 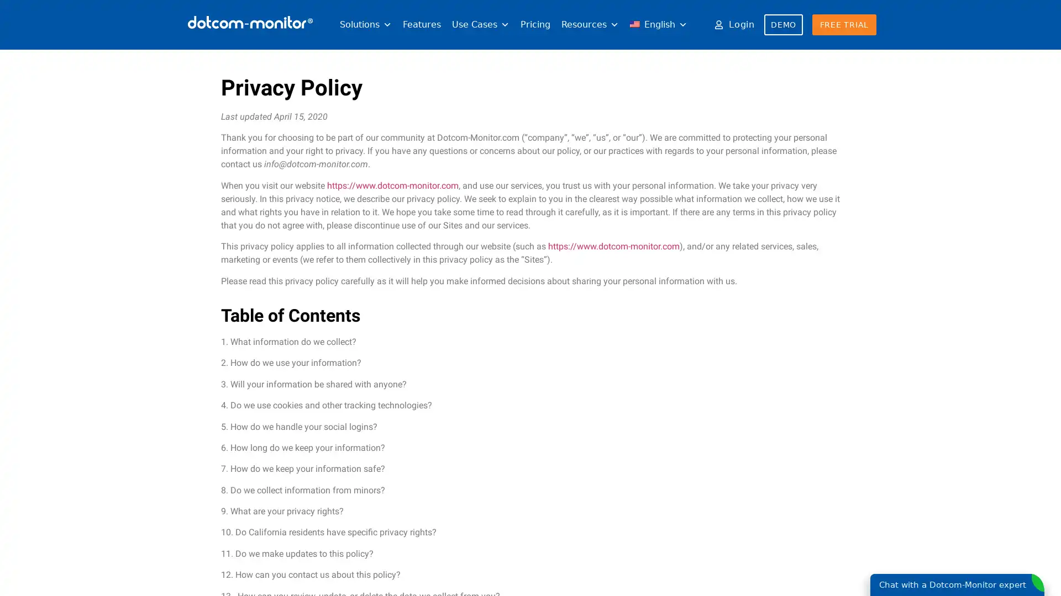 What do you see at coordinates (782, 25) in the screenshot?
I see `DEMO` at bounding box center [782, 25].